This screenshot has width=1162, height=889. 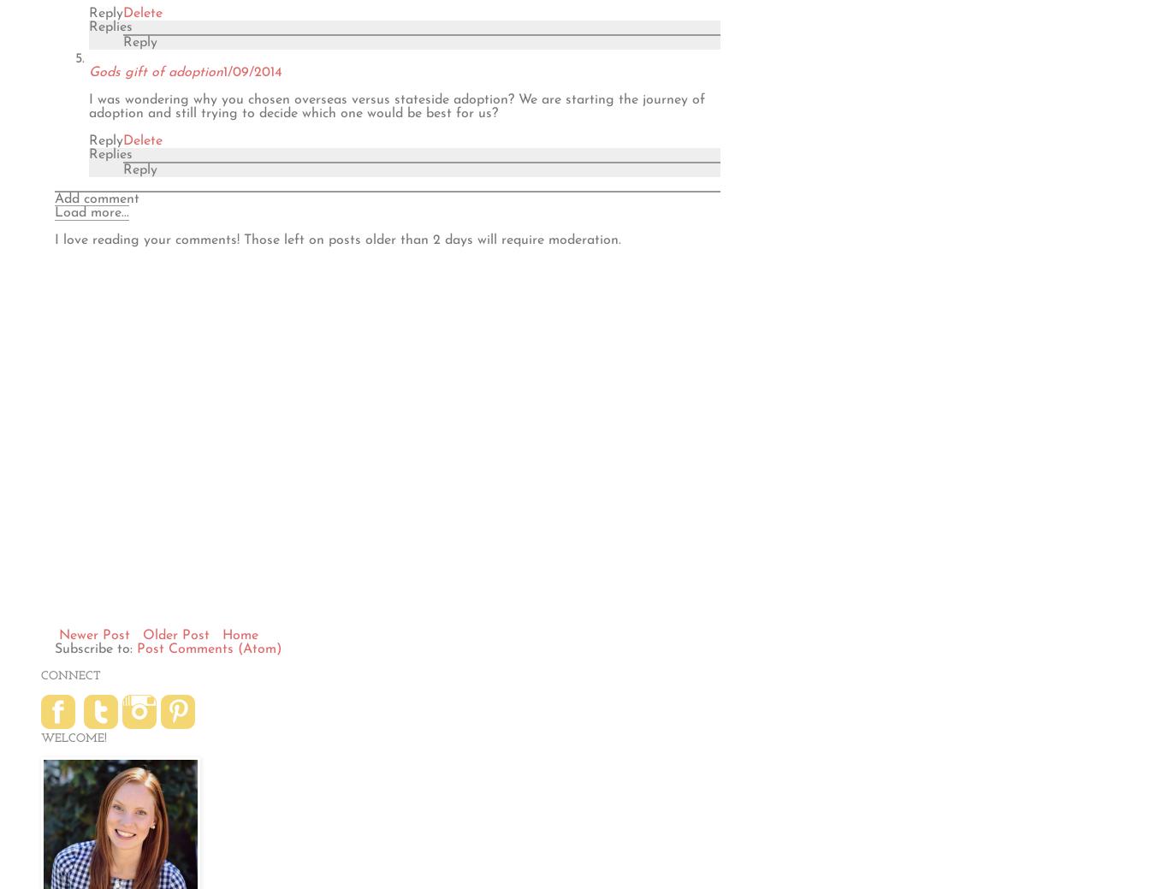 What do you see at coordinates (39, 737) in the screenshot?
I see `'Welcome!'` at bounding box center [39, 737].